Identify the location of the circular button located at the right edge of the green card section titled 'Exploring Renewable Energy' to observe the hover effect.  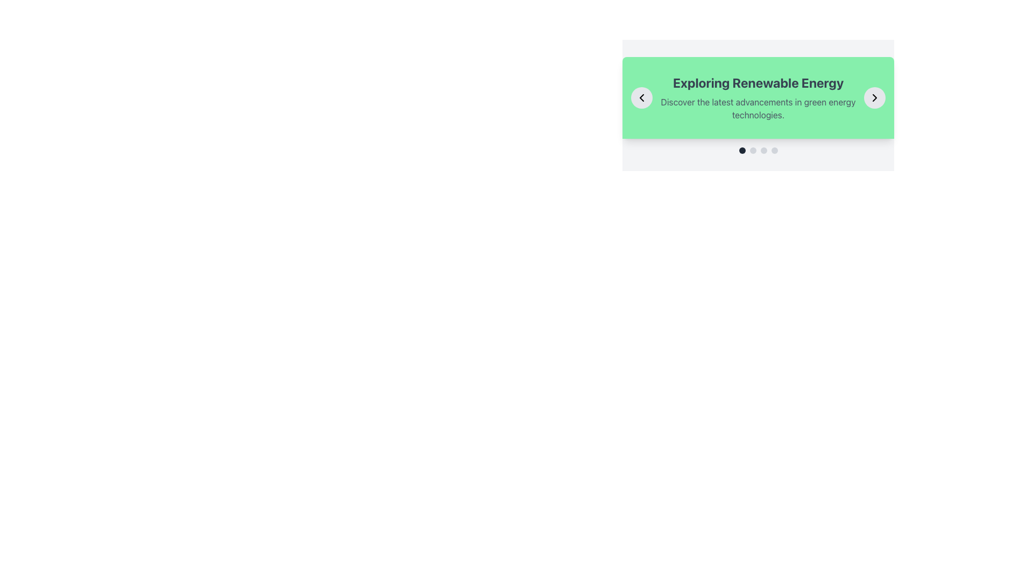
(875, 97).